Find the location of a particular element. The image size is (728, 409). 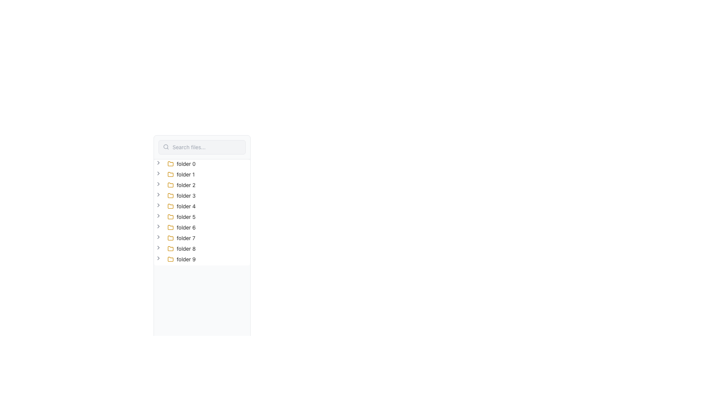

the Chevron icon next to the 'folder 9' entry is located at coordinates (158, 258).